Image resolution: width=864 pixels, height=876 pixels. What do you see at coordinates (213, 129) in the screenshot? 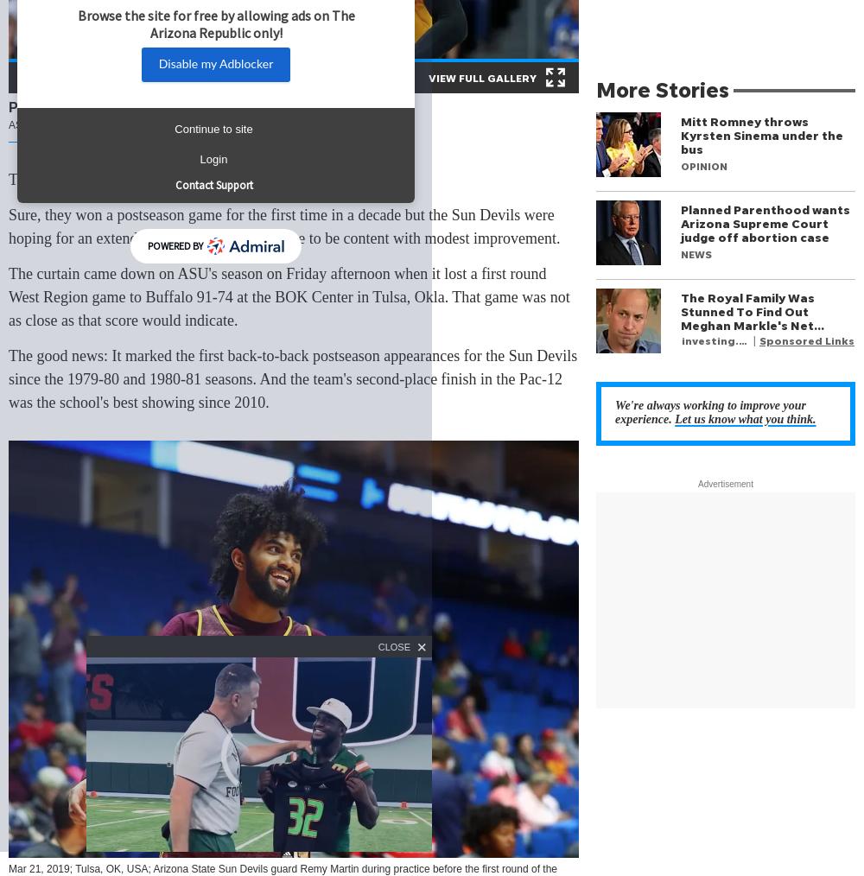
I see `'Continue to site'` at bounding box center [213, 129].